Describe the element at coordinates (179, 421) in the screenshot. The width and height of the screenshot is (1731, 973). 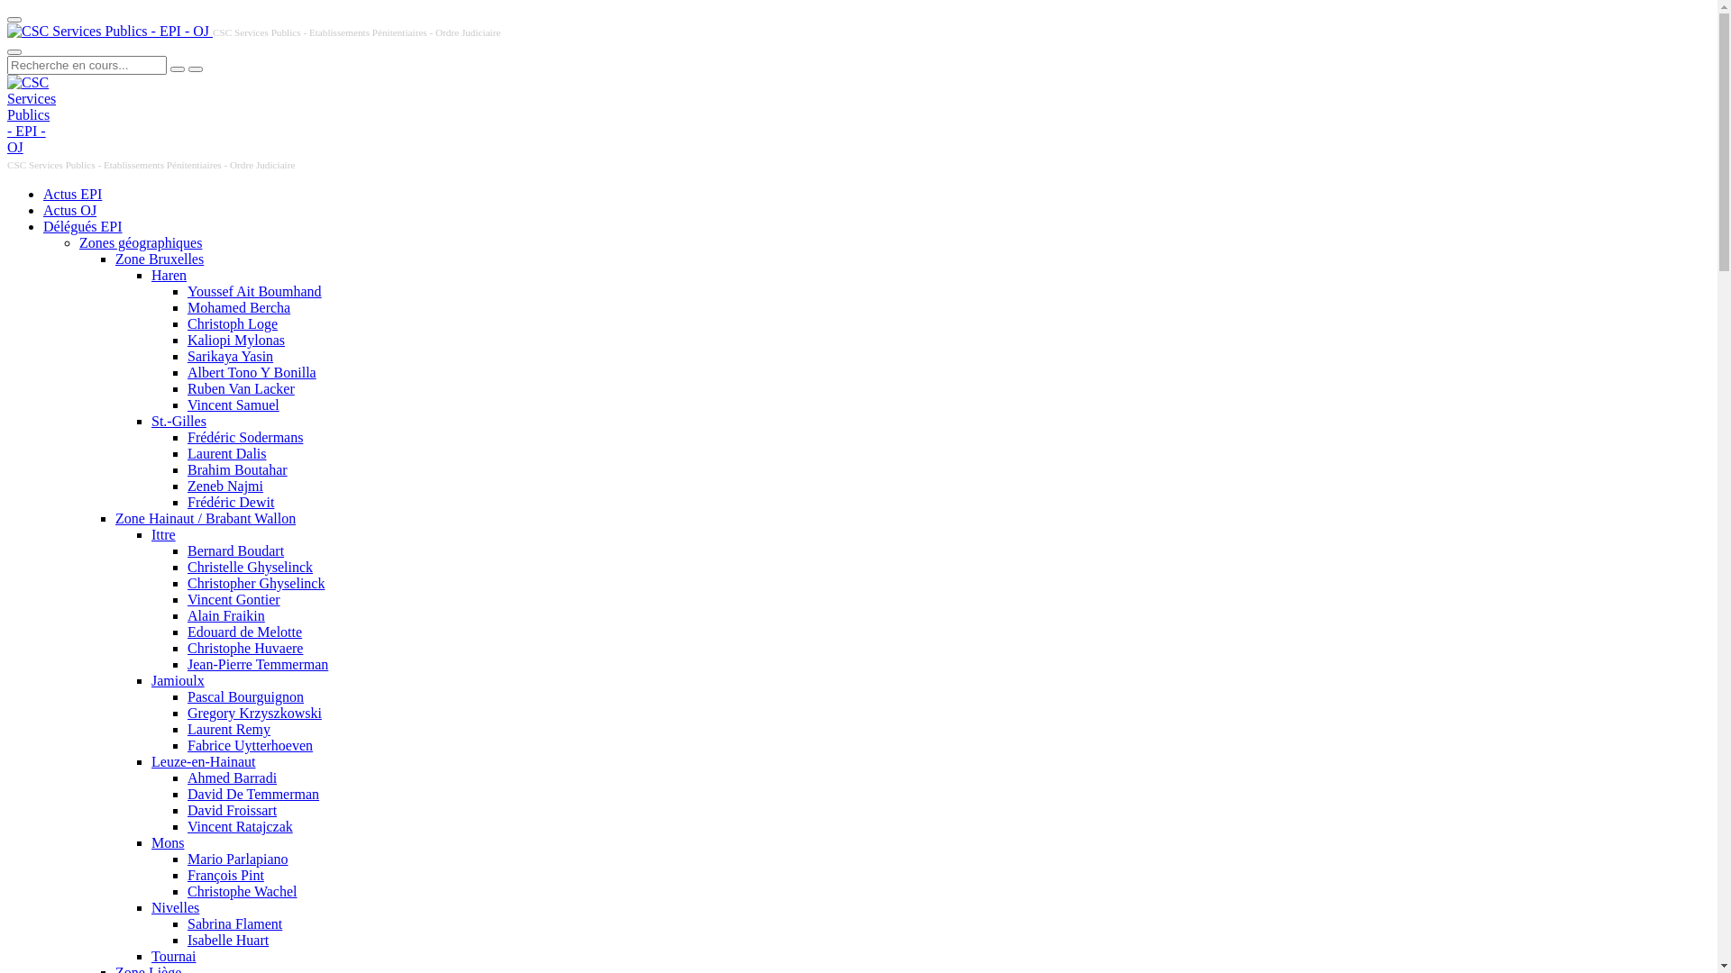
I see `'St.-Gilles'` at that location.